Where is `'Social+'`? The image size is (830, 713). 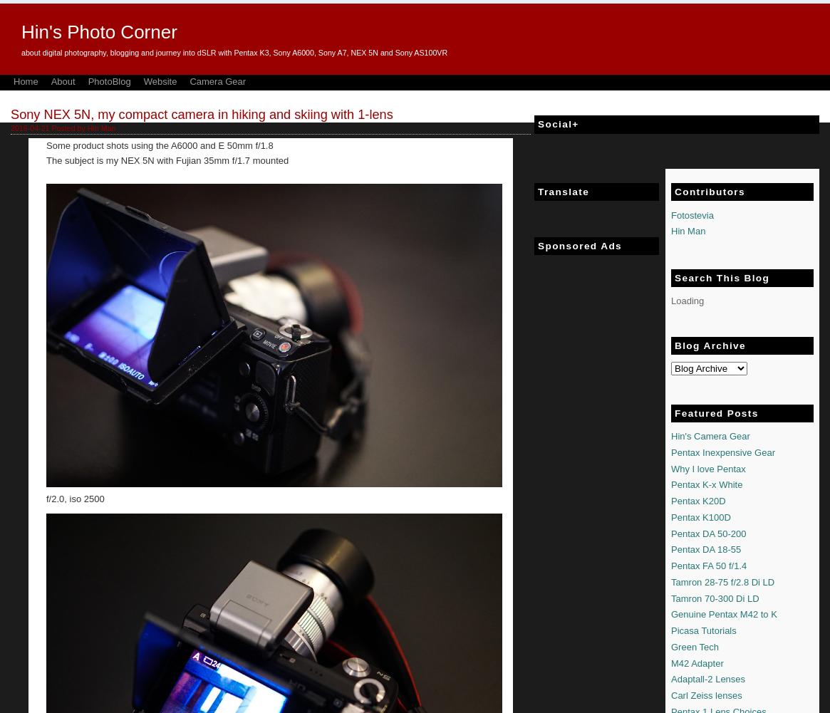
'Social+' is located at coordinates (558, 124).